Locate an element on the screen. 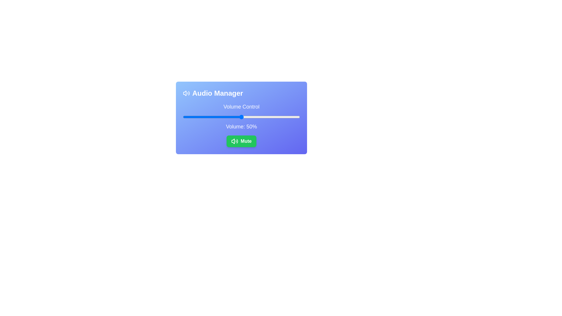 Image resolution: width=562 pixels, height=316 pixels. the volume slider to 78% is located at coordinates (274, 117).